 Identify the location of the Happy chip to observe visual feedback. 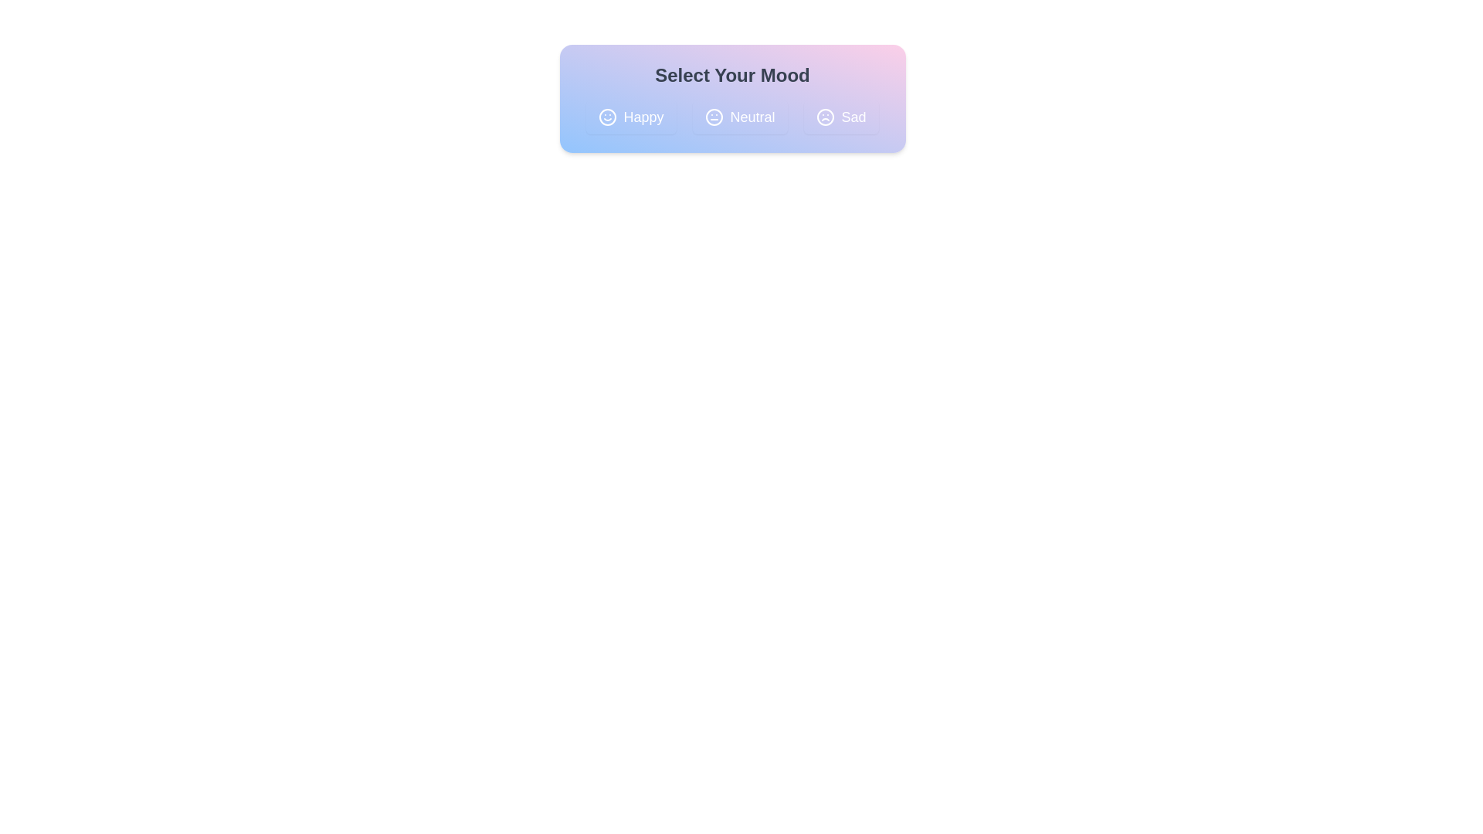
(631, 116).